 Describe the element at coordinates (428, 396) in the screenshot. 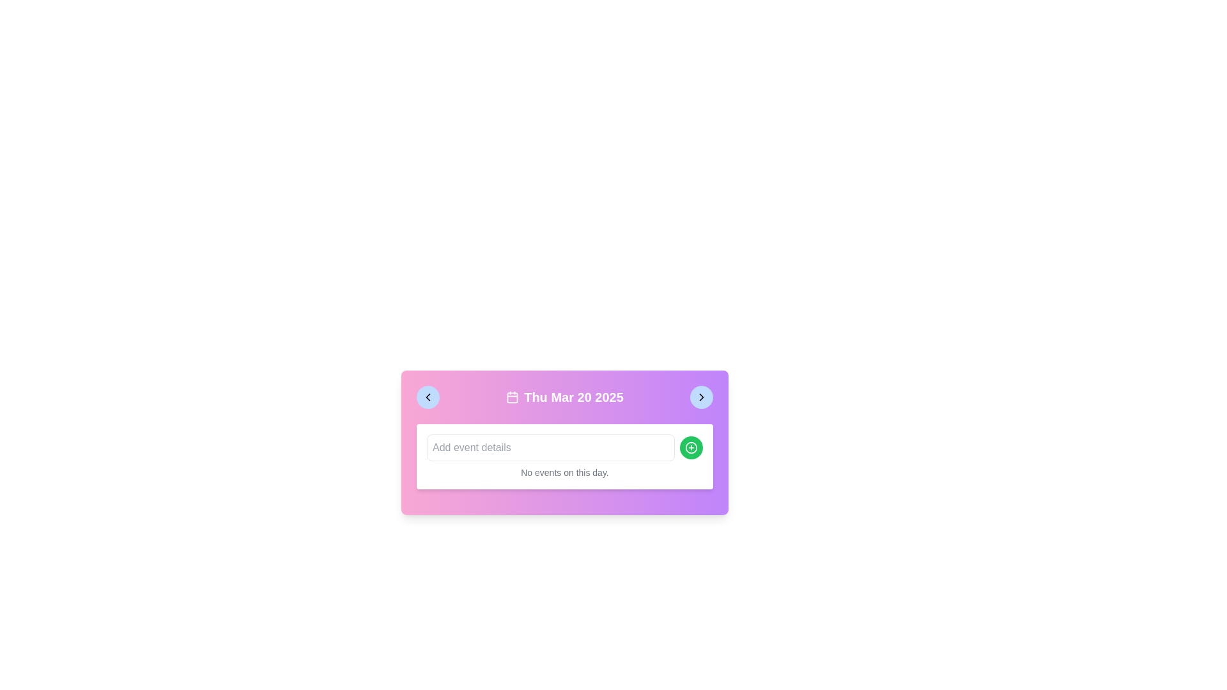

I see `the left-pointing chevron icon, which is located inside a circular blue button on the leftmost side of the header bar, next to the title 'Thu Mar 20 2025'` at that location.